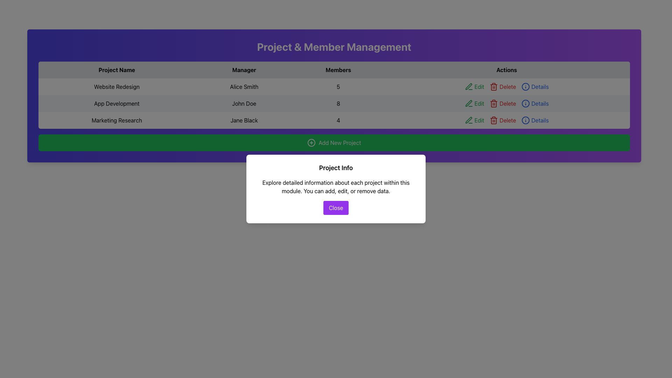 The width and height of the screenshot is (672, 378). Describe the element at coordinates (469, 86) in the screenshot. I see `the green pencil icon in the 'Actions' column of the third row to initiate the edit action` at that location.